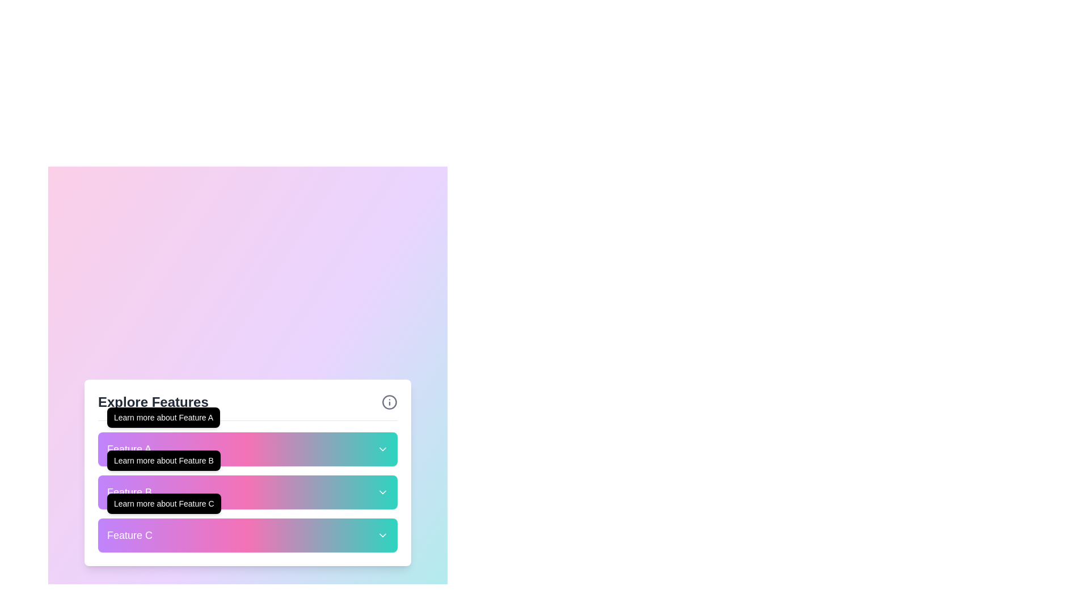  What do you see at coordinates (383, 535) in the screenshot?
I see `the white chevron down icon, located at the far right end of the 'Feature C' button, to receive additional interface feedback` at bounding box center [383, 535].